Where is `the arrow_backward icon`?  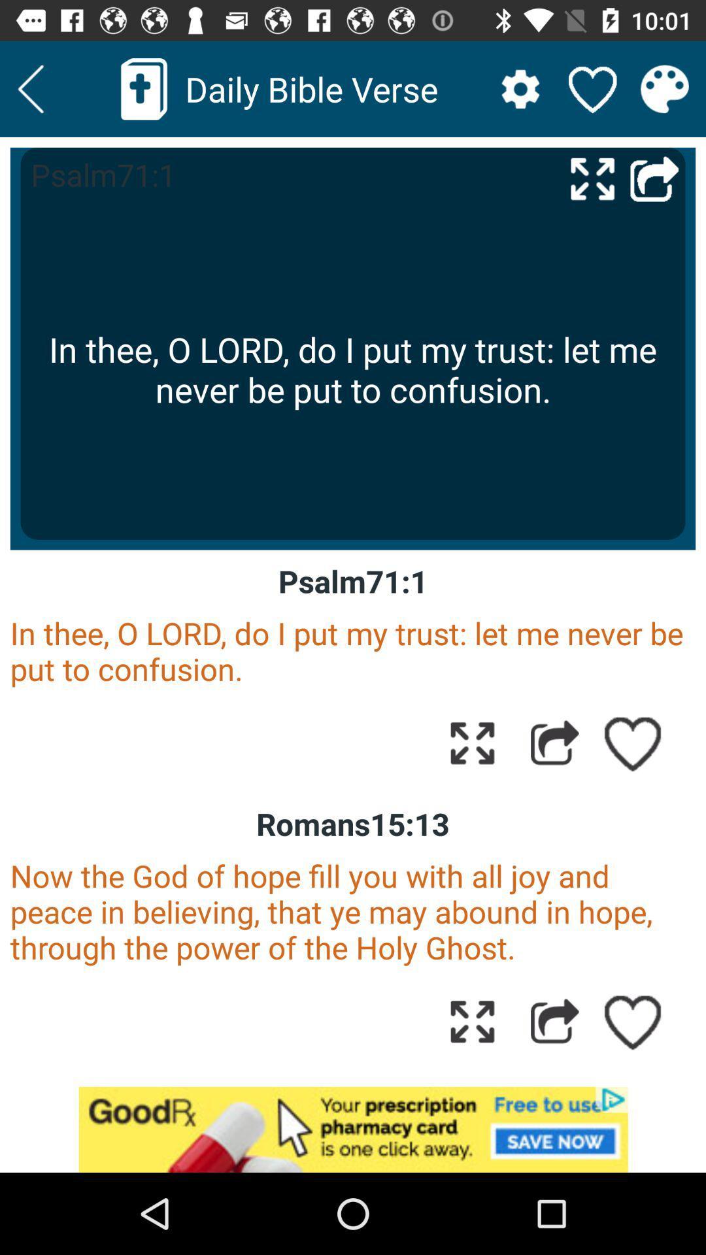
the arrow_backward icon is located at coordinates (30, 88).